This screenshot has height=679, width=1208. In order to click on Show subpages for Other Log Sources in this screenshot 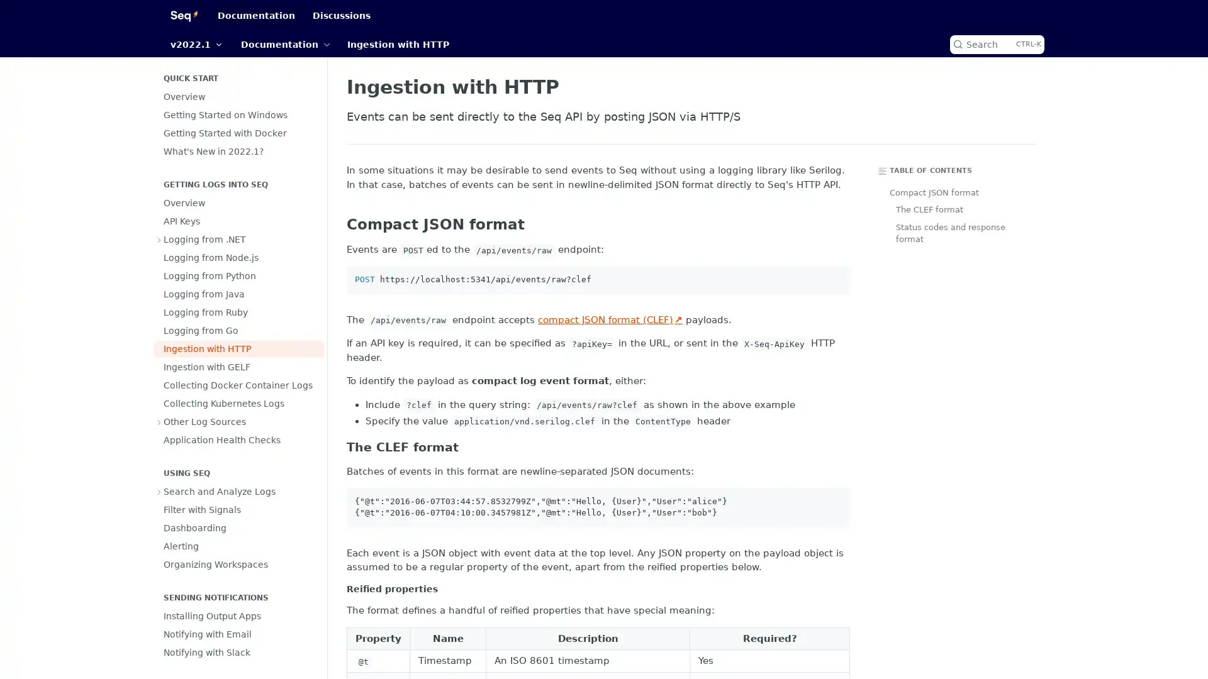, I will do `click(159, 422)`.